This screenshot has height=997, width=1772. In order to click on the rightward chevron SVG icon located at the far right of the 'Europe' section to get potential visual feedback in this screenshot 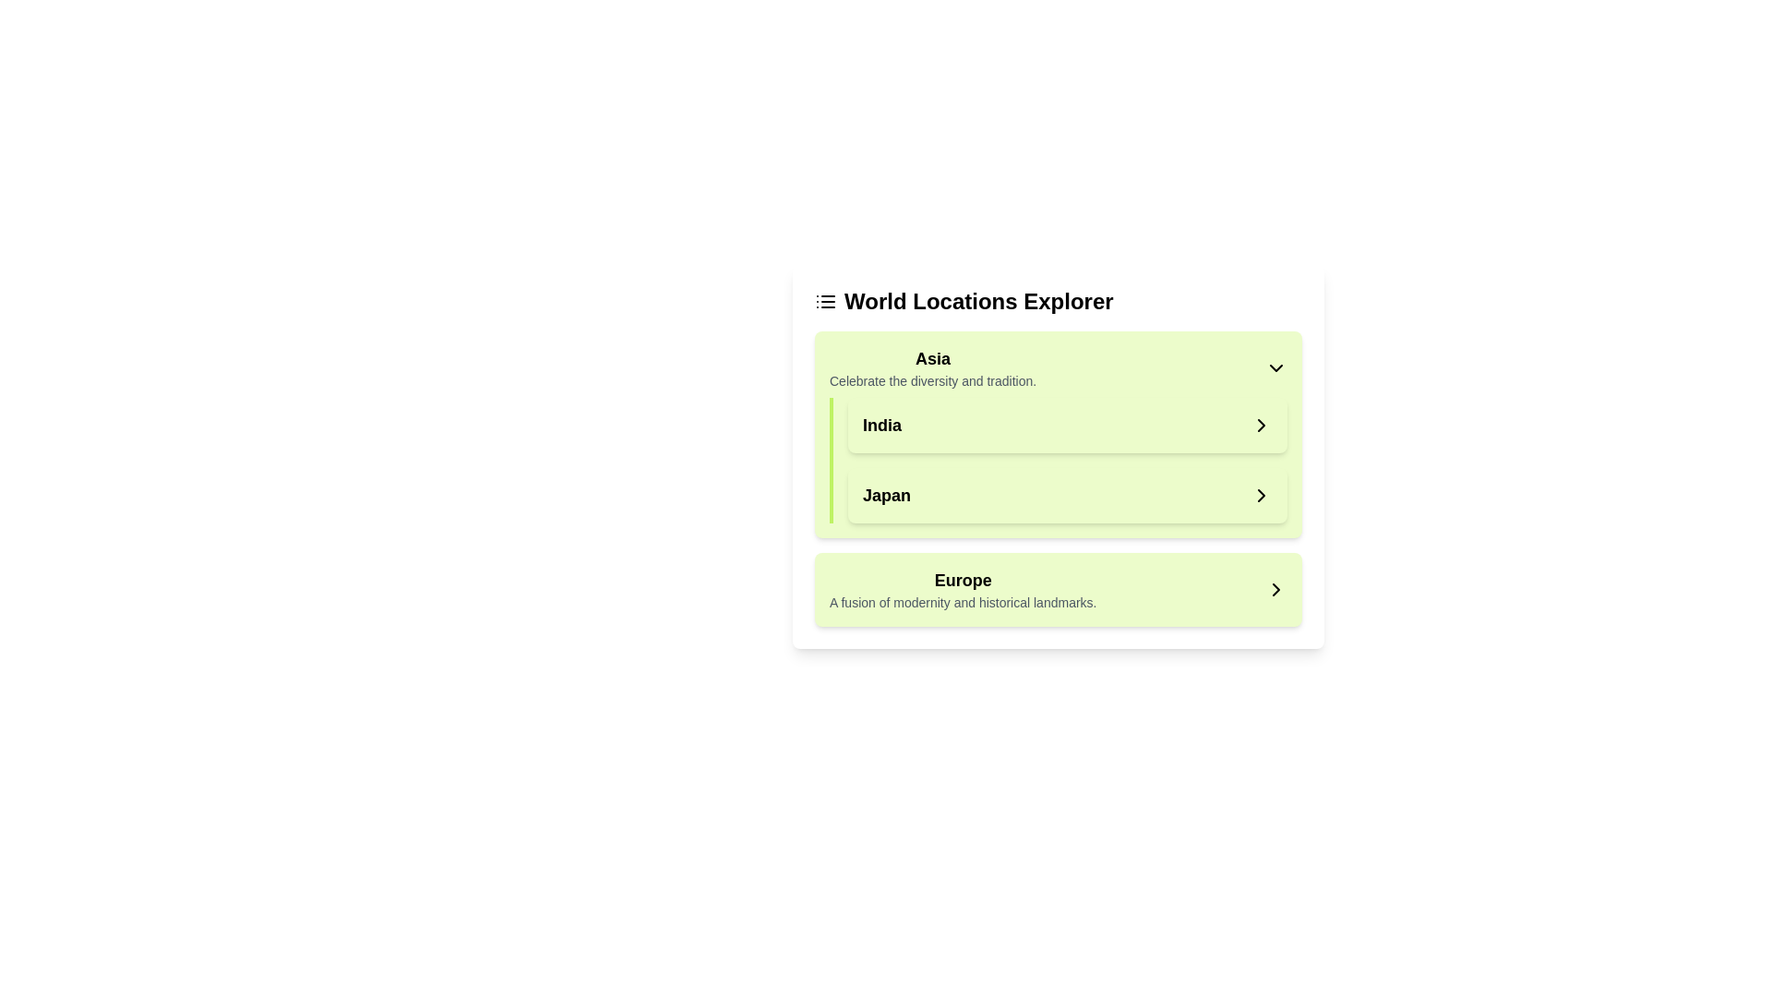, I will do `click(1275, 590)`.